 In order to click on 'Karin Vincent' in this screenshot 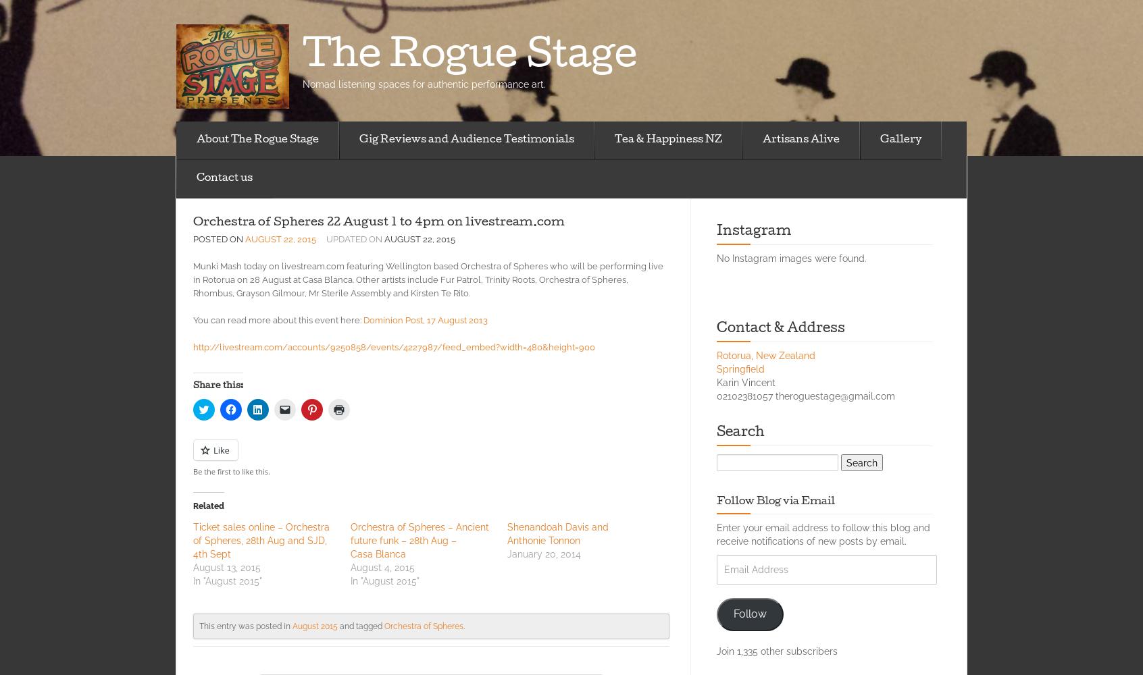, I will do `click(746, 381)`.